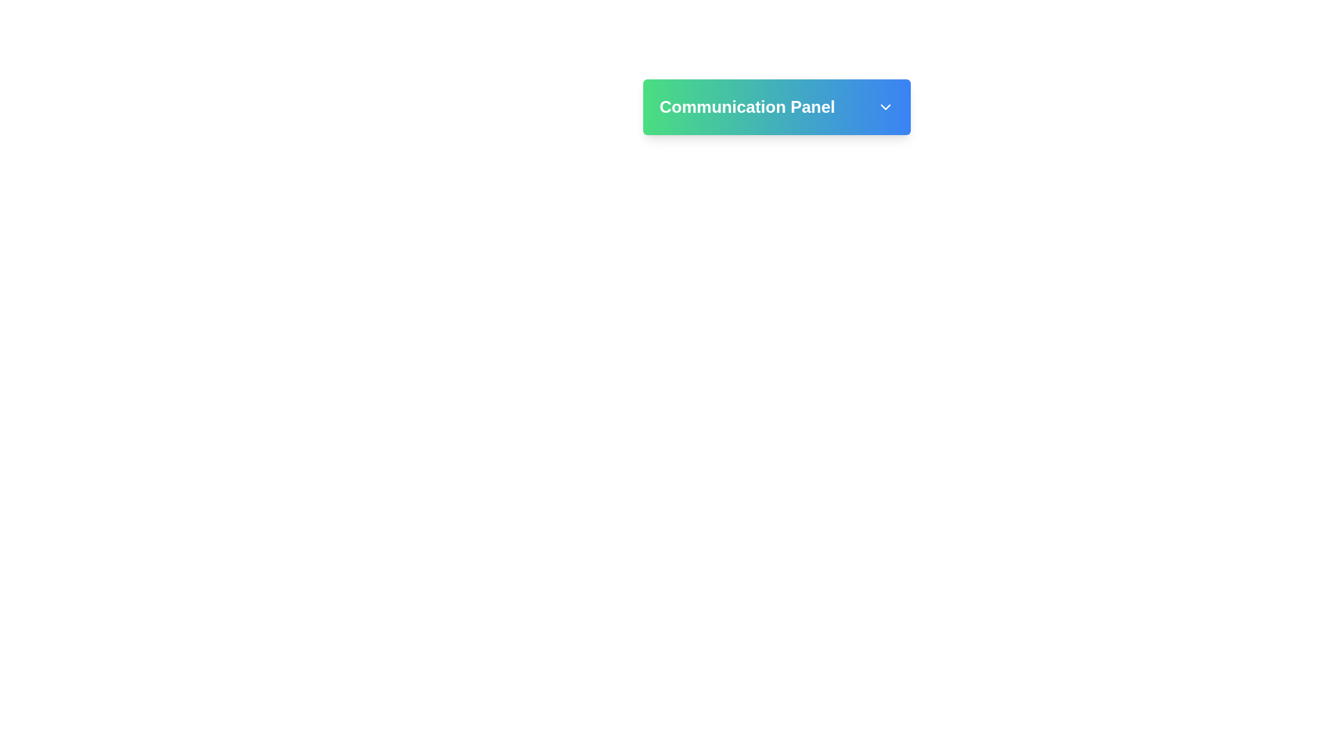  I want to click on the downward-pointing chevron icon next to the 'Communication Panel' text, so click(884, 107).